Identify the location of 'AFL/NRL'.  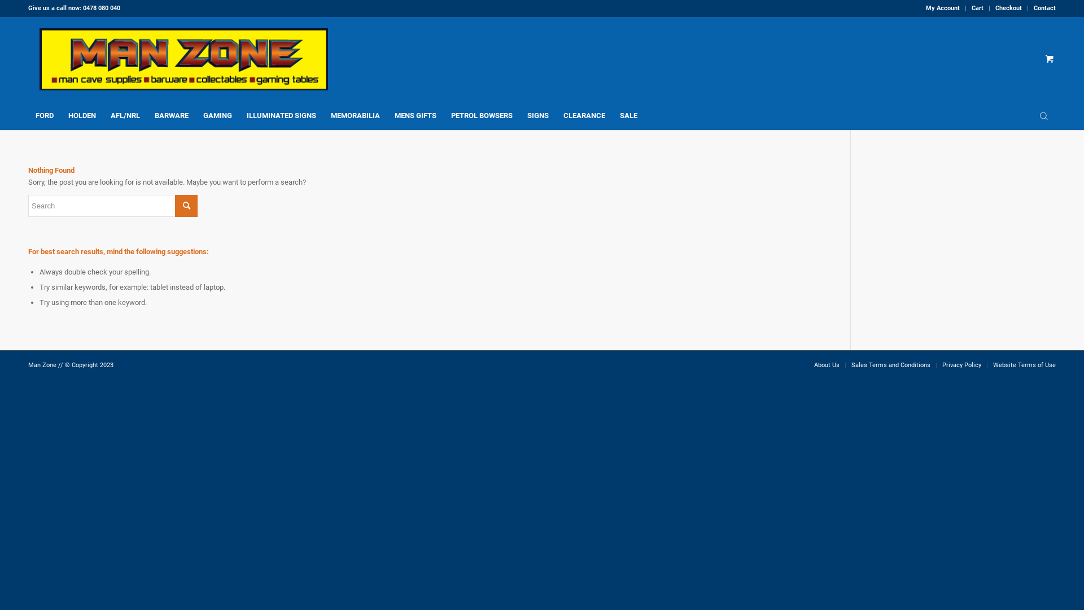
(103, 115).